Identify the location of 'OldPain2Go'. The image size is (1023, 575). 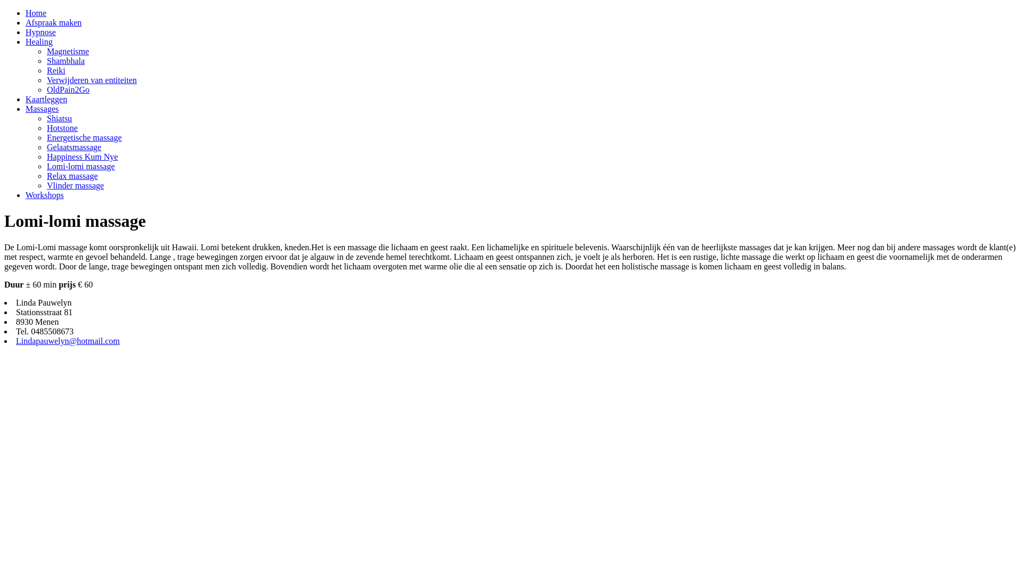
(68, 89).